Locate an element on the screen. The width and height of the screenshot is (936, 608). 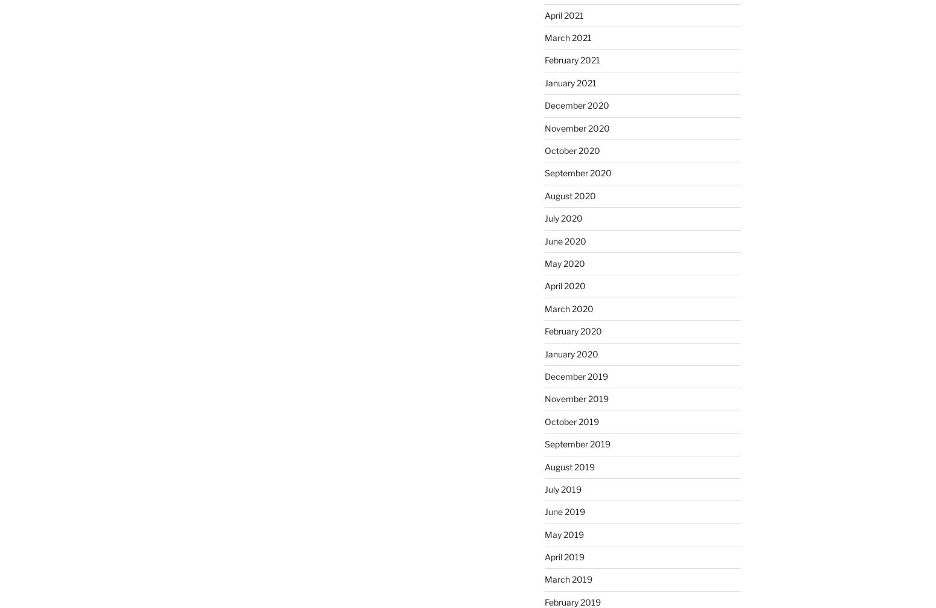
'February 2021' is located at coordinates (571, 60).